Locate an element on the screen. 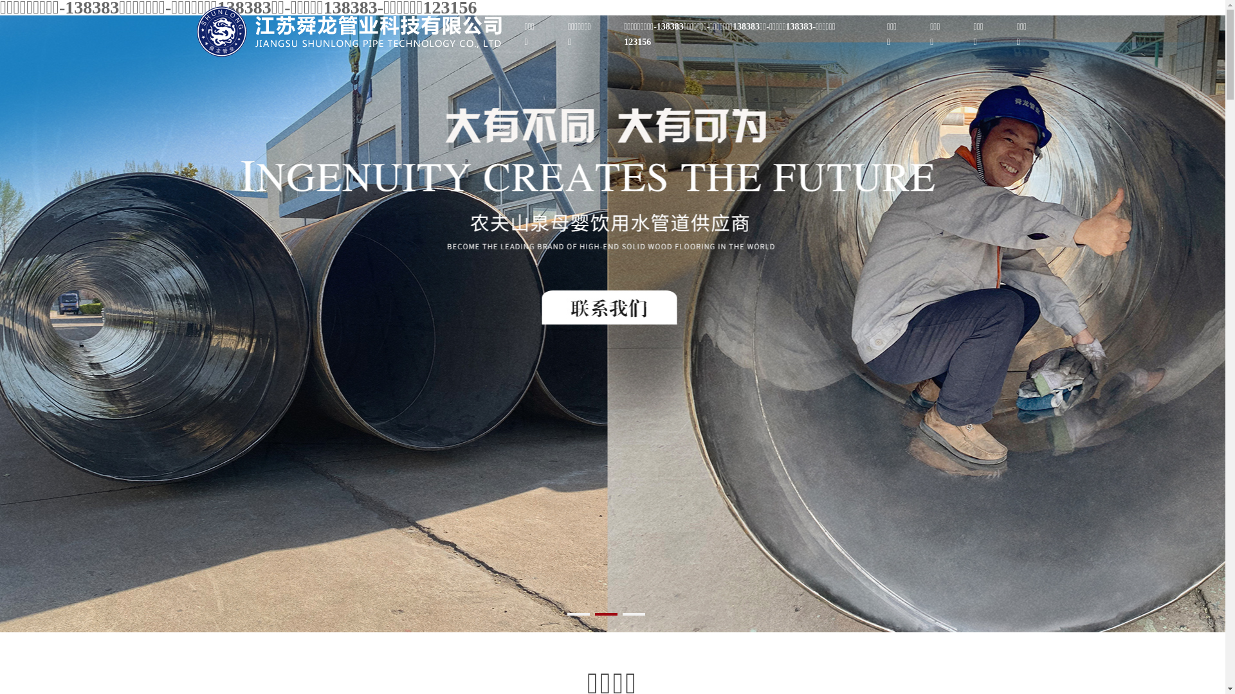 The width and height of the screenshot is (1235, 694). '3' is located at coordinates (634, 614).